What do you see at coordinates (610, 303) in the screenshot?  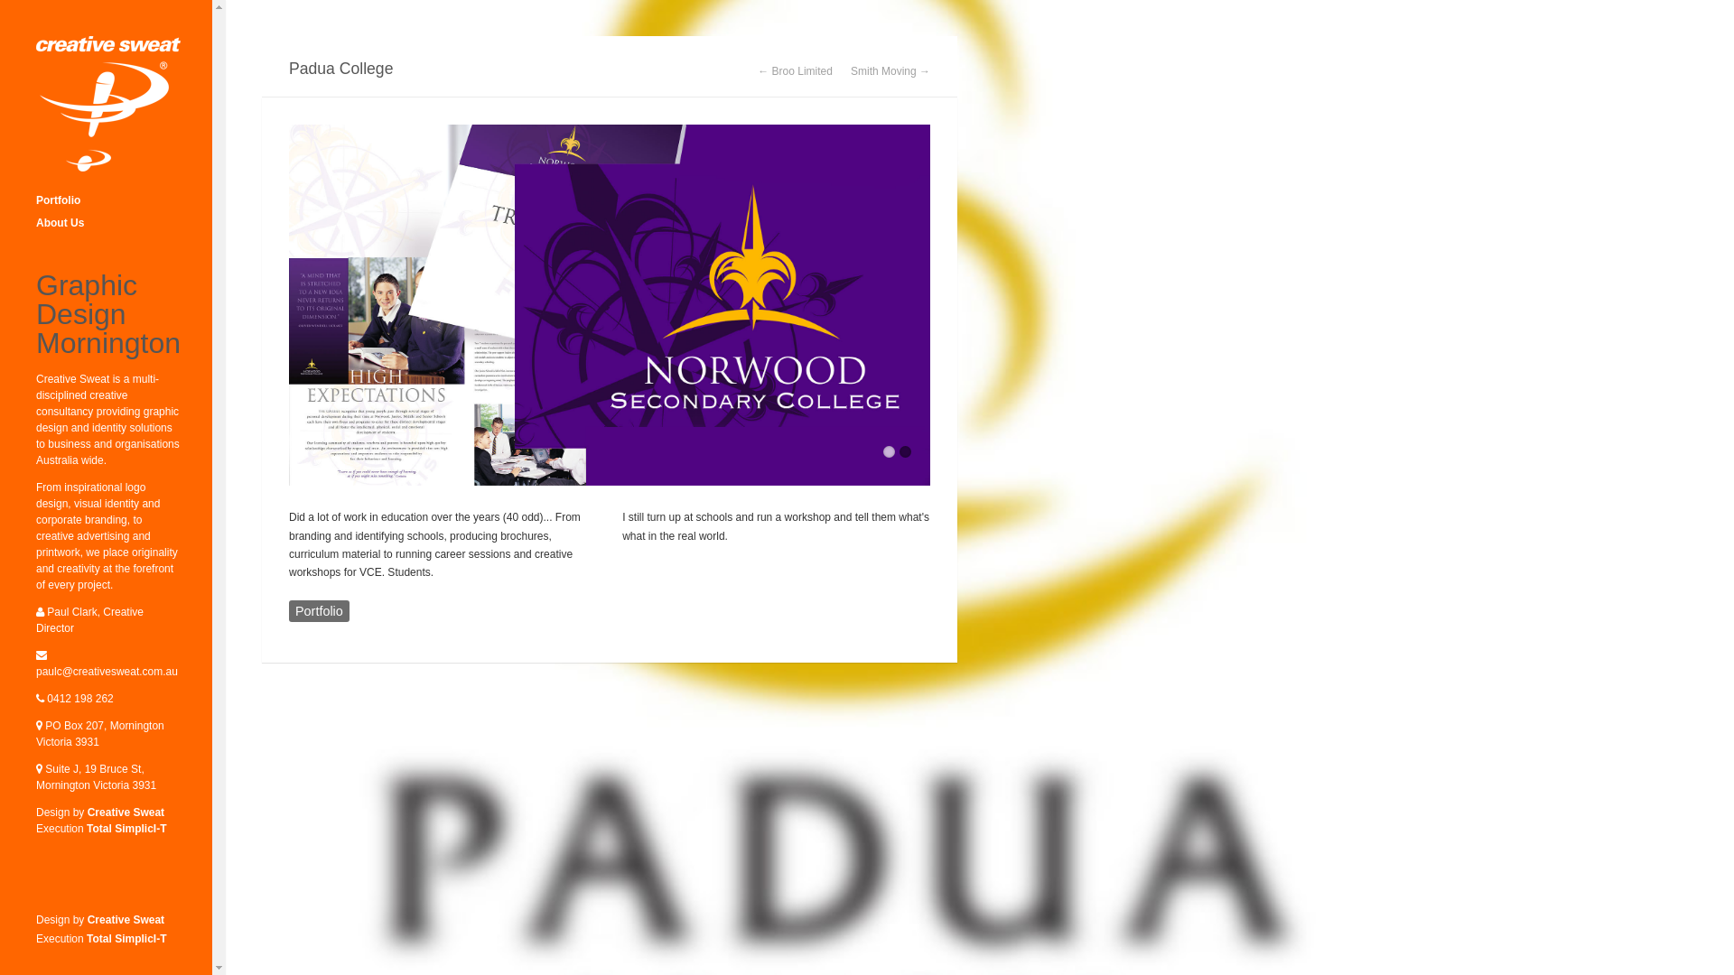 I see `'Norwood'` at bounding box center [610, 303].